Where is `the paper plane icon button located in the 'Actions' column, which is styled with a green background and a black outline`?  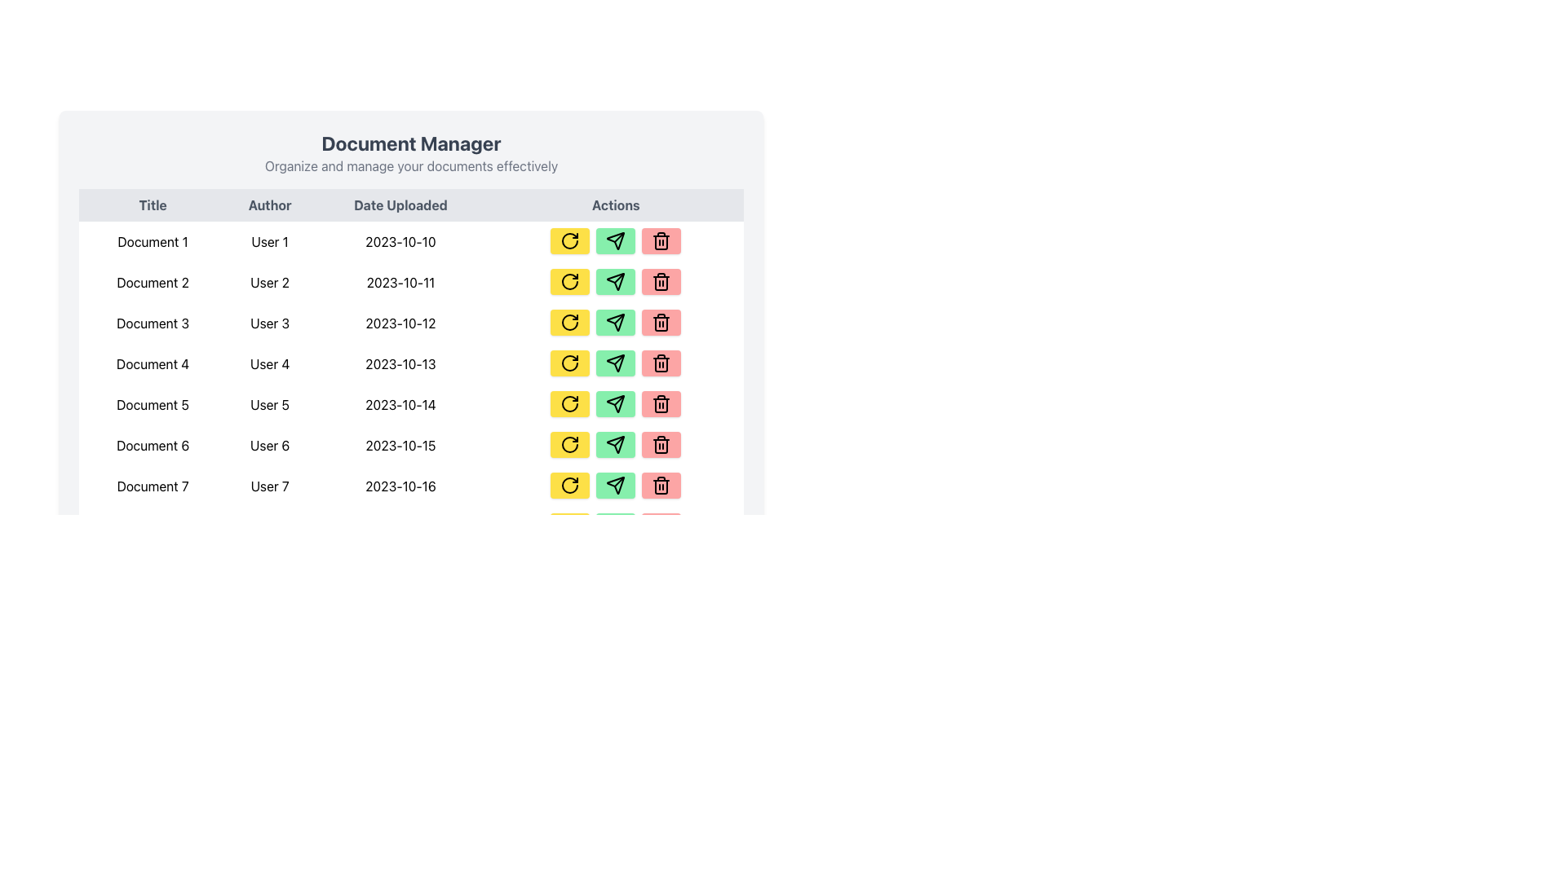
the paper plane icon button located in the 'Actions' column, which is styled with a green background and a black outline is located at coordinates (615, 241).